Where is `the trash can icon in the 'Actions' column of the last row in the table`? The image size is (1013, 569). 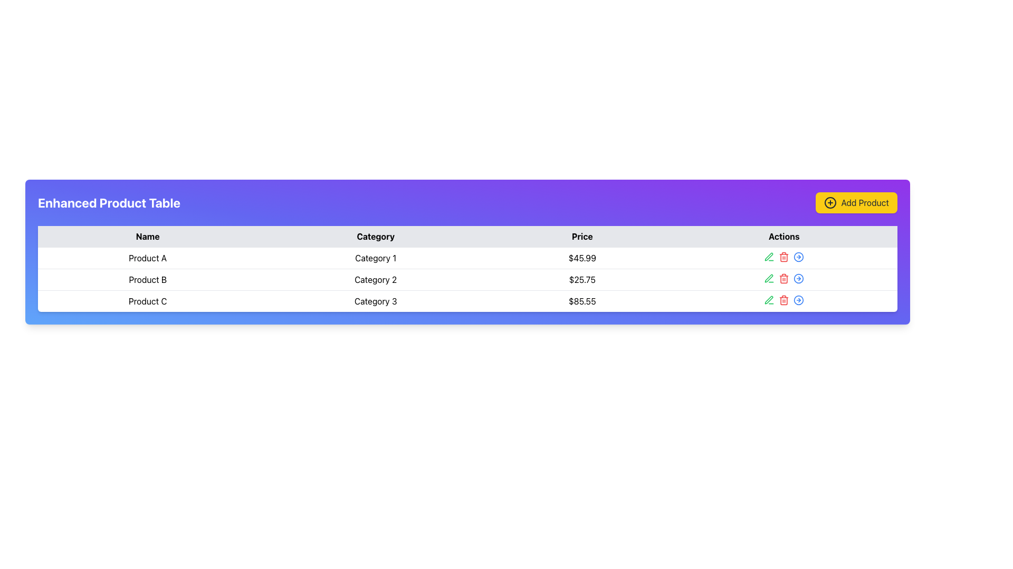 the trash can icon in the 'Actions' column of the last row in the table is located at coordinates (784, 278).